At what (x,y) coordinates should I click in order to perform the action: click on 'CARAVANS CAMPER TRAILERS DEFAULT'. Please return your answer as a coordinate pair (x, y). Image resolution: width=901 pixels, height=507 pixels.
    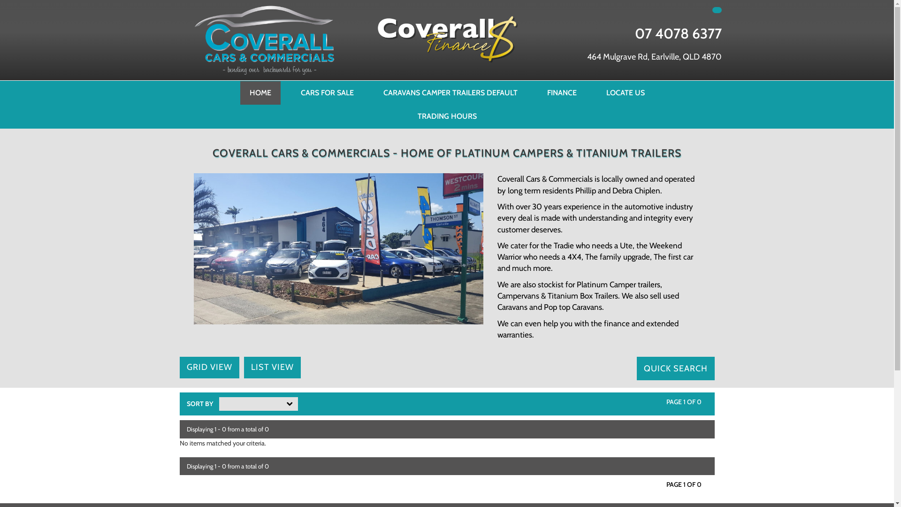
    Looking at the image, I should click on (450, 92).